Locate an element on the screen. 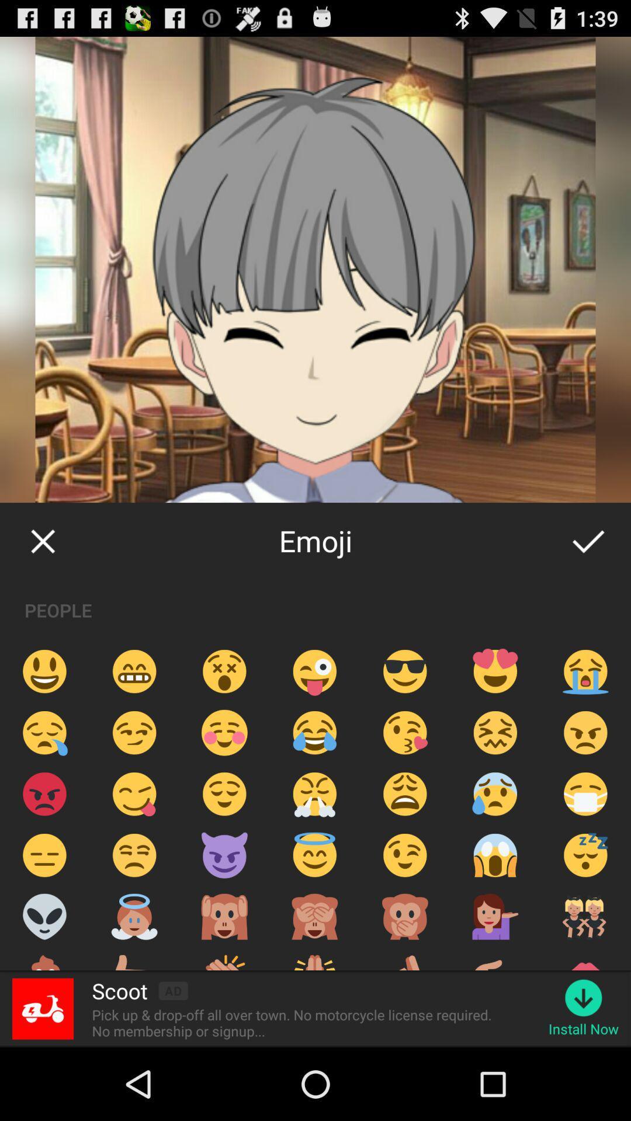  the install now icon is located at coordinates (584, 1029).